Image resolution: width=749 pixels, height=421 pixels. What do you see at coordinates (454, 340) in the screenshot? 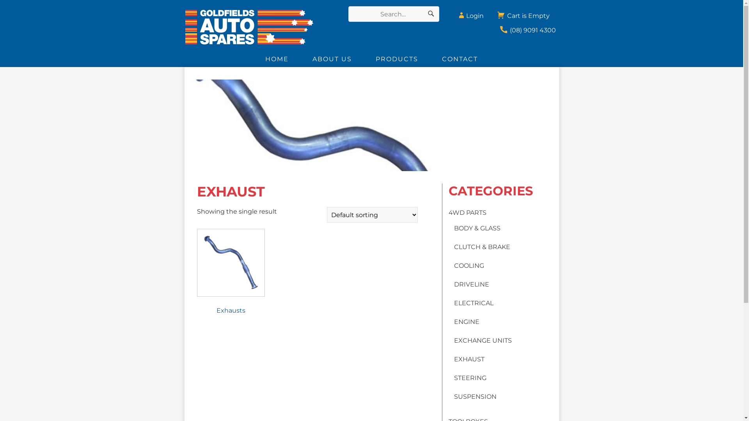
I see `'EXCHANGE UNITS'` at bounding box center [454, 340].